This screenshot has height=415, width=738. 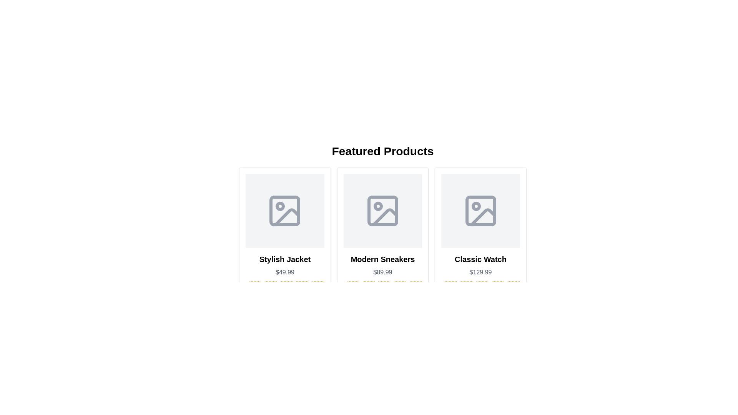 What do you see at coordinates (383, 272) in the screenshot?
I see `the text displaying the price "$89.99" which is located directly underneath the product title "Modern Sneakers" and above the rating stars` at bounding box center [383, 272].